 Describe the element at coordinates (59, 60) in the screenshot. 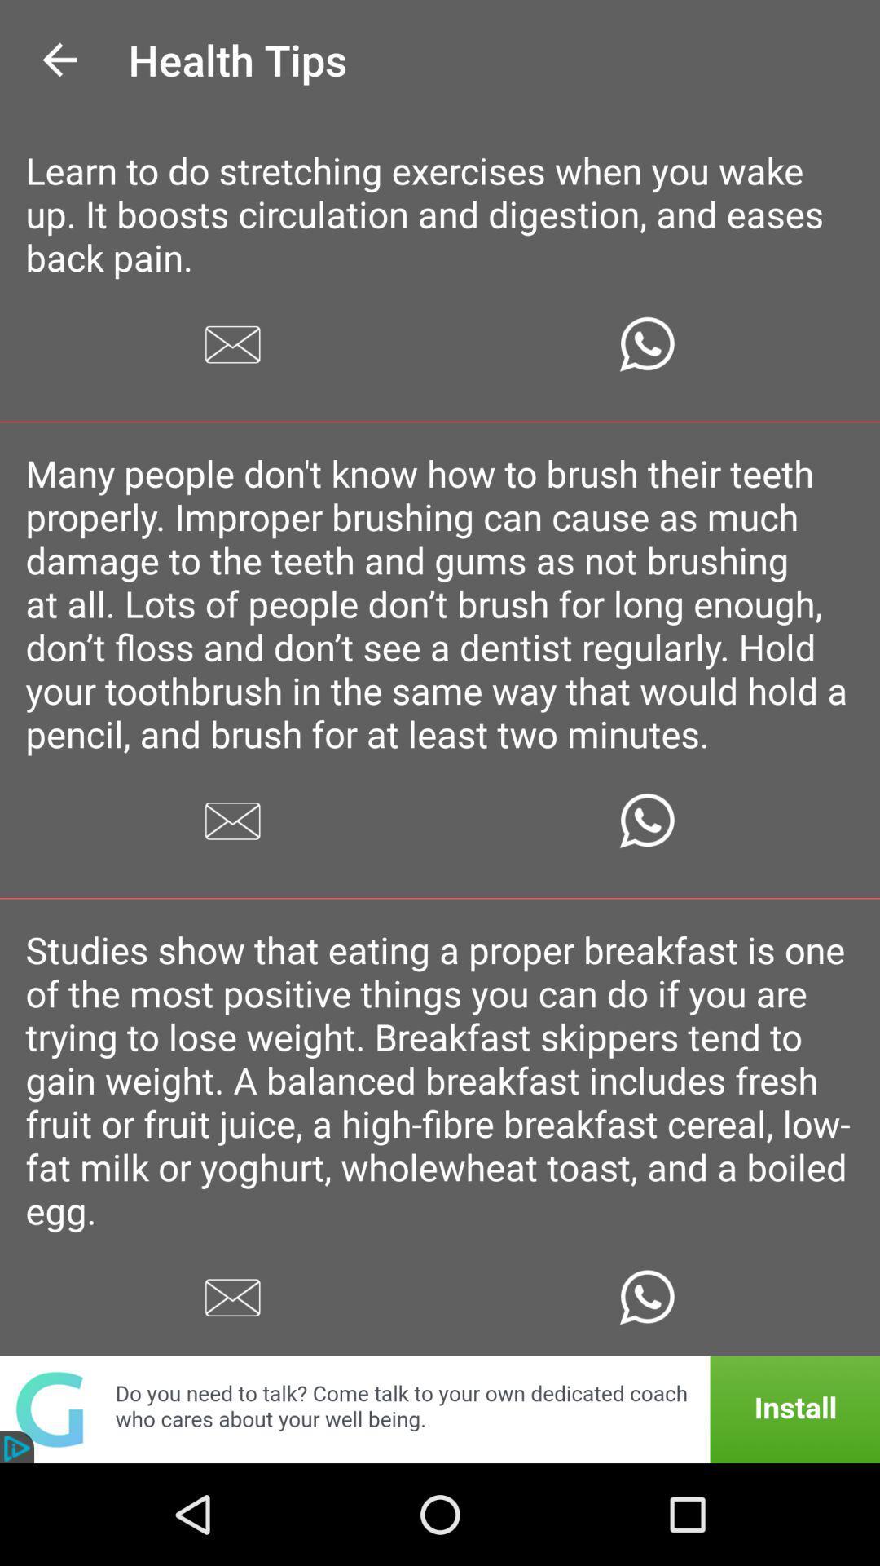

I see `the icon to the left of the health tips icon` at that location.